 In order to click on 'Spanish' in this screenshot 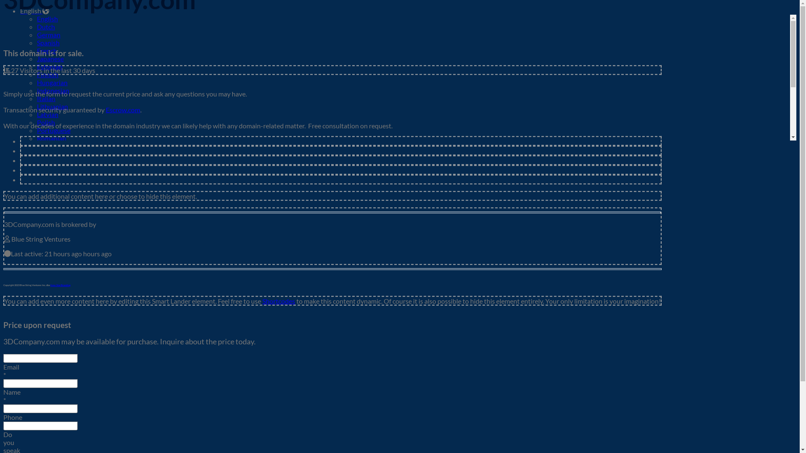, I will do `click(48, 42)`.